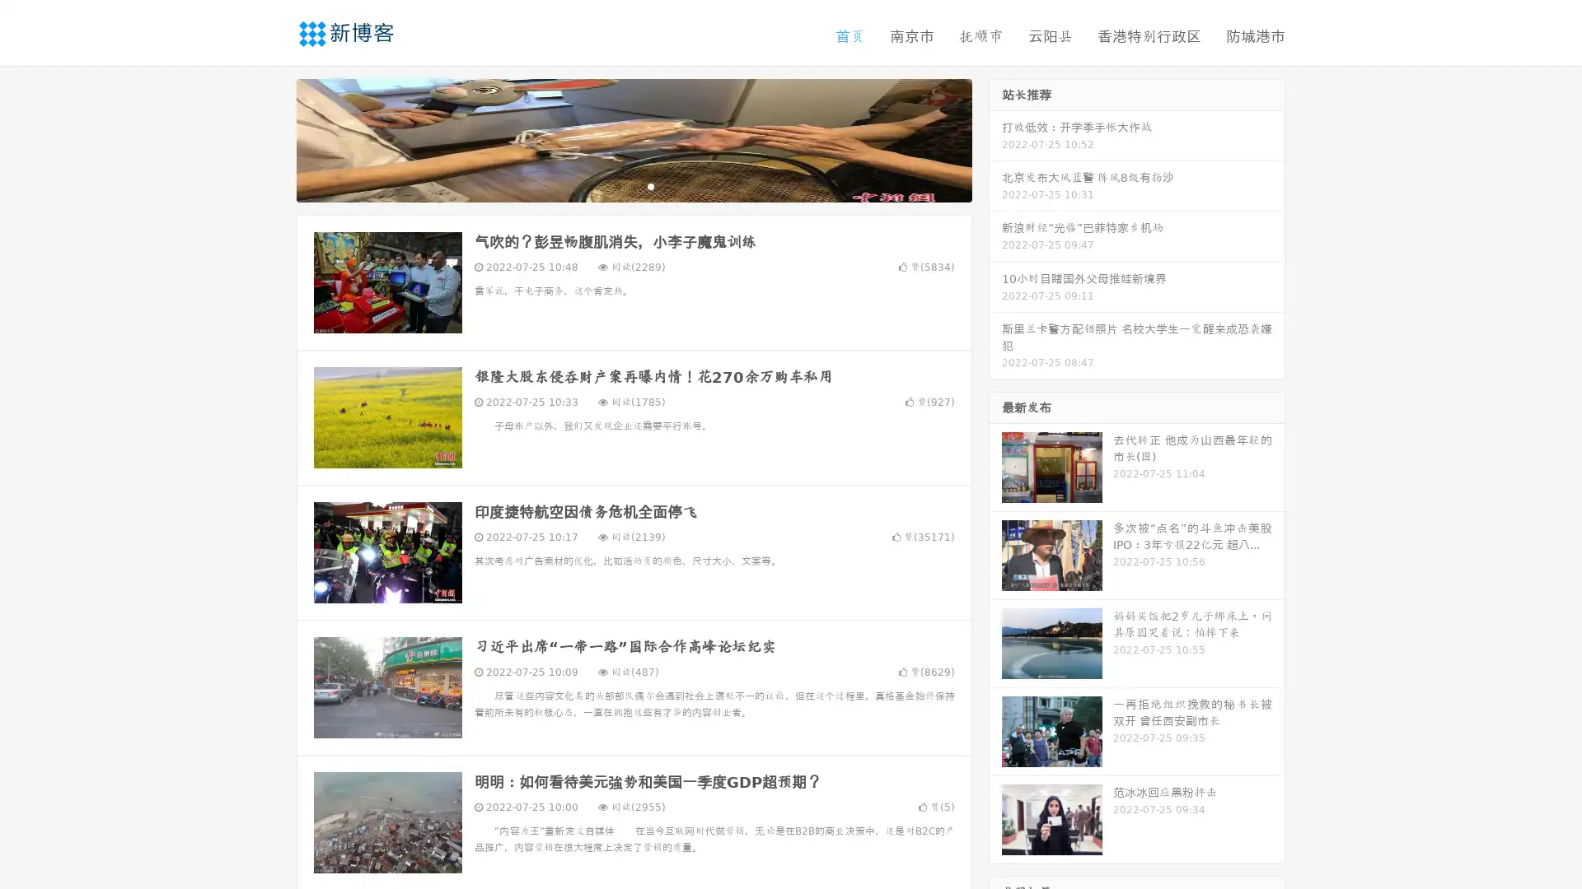 The width and height of the screenshot is (1582, 889). I want to click on Go to slide 1, so click(616, 185).